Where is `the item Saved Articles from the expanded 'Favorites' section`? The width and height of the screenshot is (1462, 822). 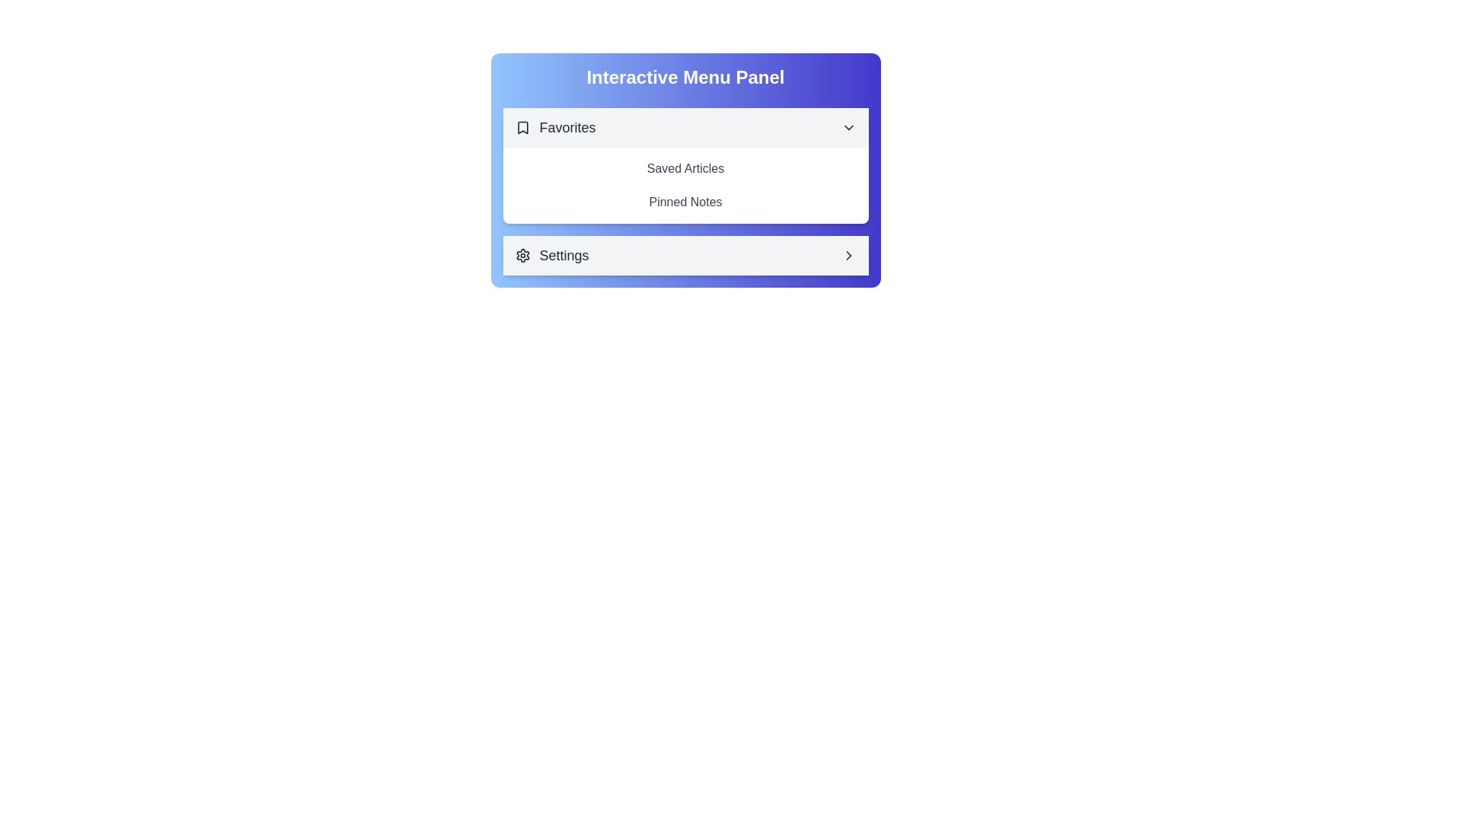
the item Saved Articles from the expanded 'Favorites' section is located at coordinates (685, 169).